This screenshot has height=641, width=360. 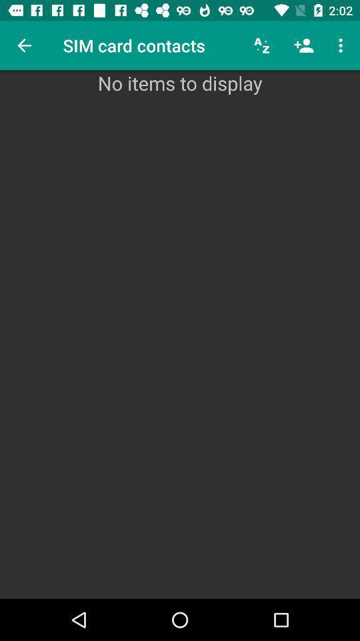 What do you see at coordinates (342, 45) in the screenshot?
I see `the icon above no items to` at bounding box center [342, 45].